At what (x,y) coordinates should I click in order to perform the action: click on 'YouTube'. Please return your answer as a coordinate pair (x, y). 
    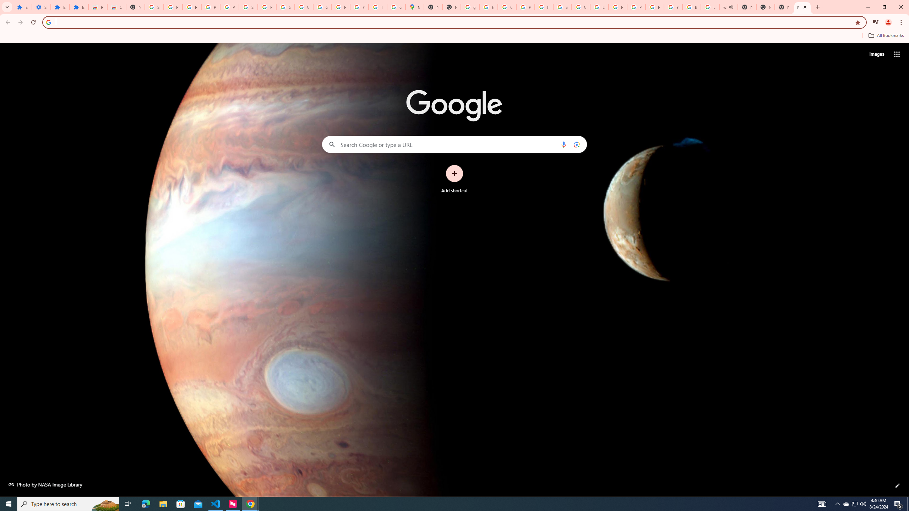
    Looking at the image, I should click on (673, 7).